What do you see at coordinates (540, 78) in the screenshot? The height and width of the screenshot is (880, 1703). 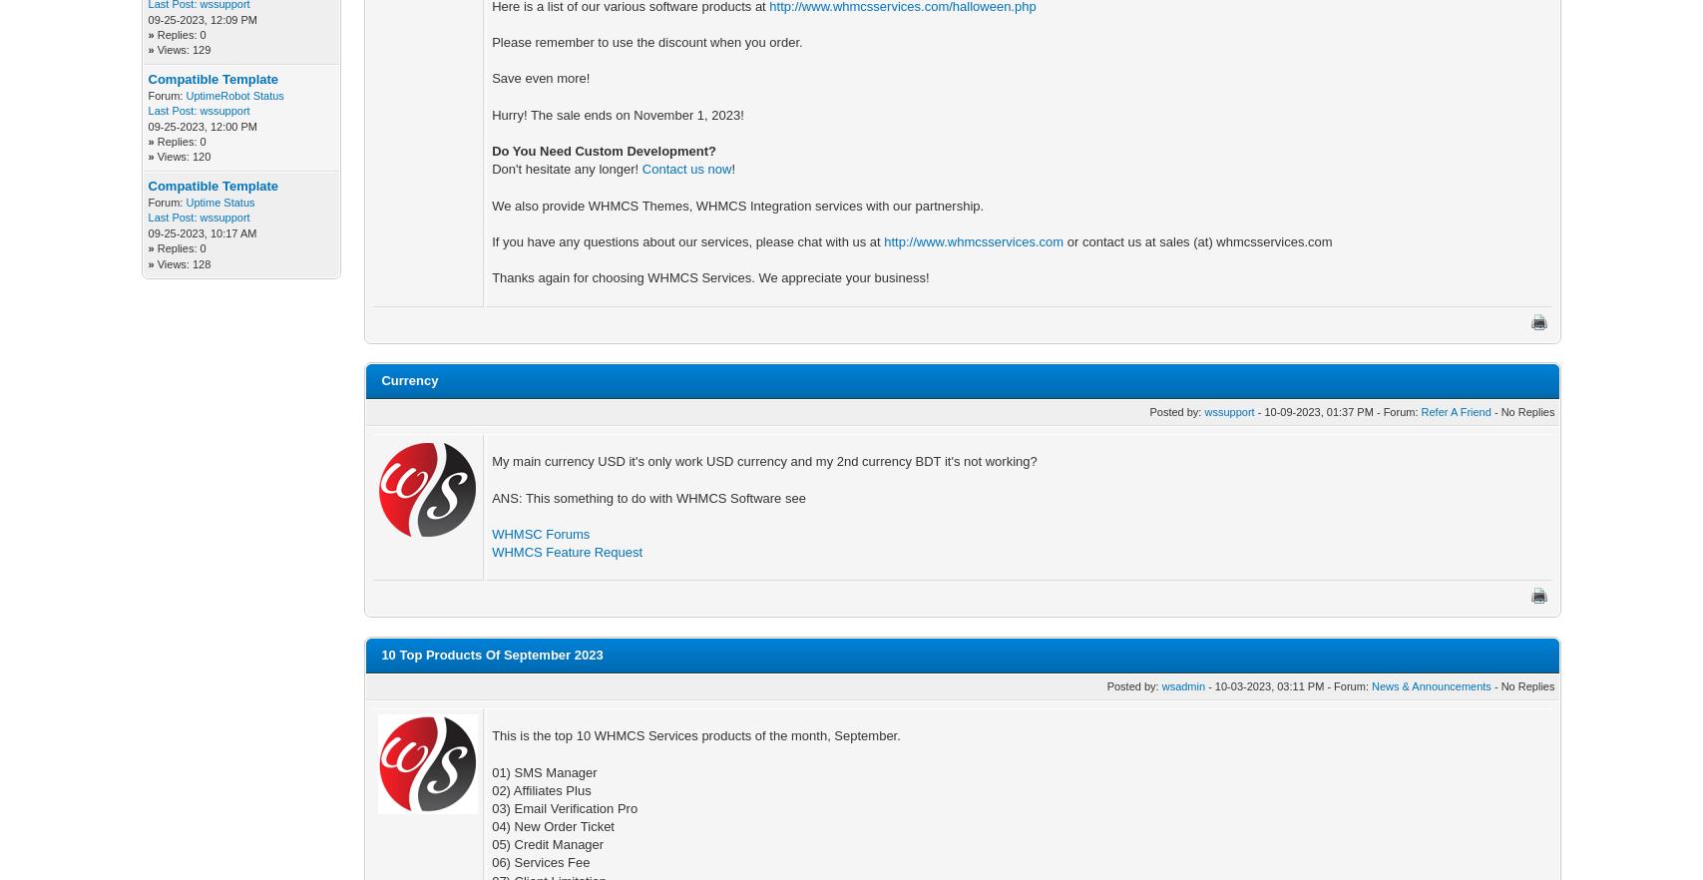 I see `'Save even more!'` at bounding box center [540, 78].